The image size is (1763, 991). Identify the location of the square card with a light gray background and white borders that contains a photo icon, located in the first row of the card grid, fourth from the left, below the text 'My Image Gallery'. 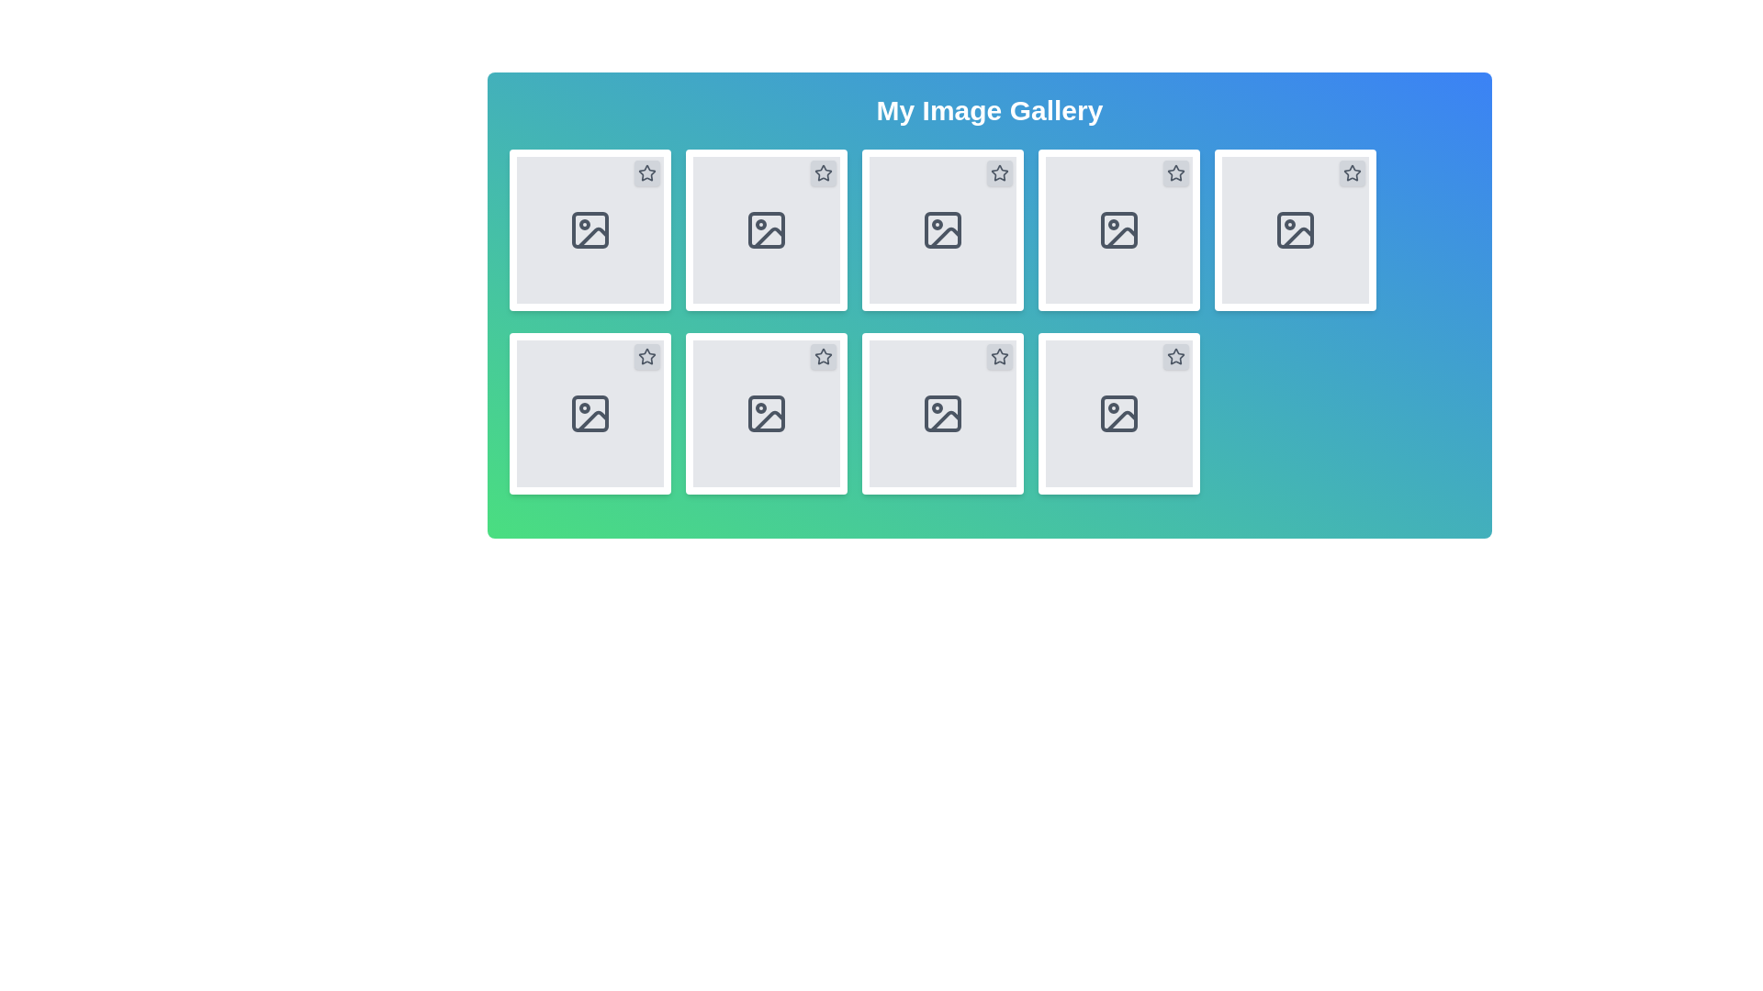
(1118, 228).